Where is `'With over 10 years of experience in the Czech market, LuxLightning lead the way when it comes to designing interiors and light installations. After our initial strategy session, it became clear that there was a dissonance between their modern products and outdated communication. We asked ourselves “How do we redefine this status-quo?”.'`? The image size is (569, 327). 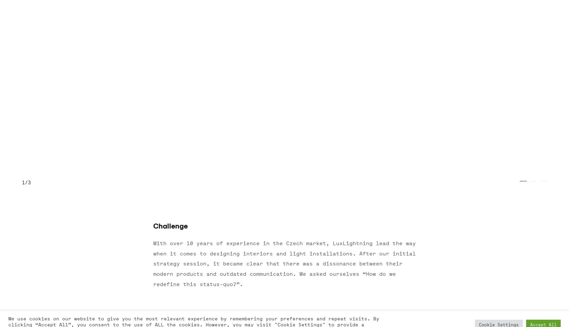 'With over 10 years of experience in the Czech market, LuxLightning lead the way when it comes to designing interiors and light installations. After our initial strategy session, it became clear that there was a dissonance between their modern products and outdated communication. We asked ourselves “How do we redefine this status-quo?”.' is located at coordinates (284, 263).